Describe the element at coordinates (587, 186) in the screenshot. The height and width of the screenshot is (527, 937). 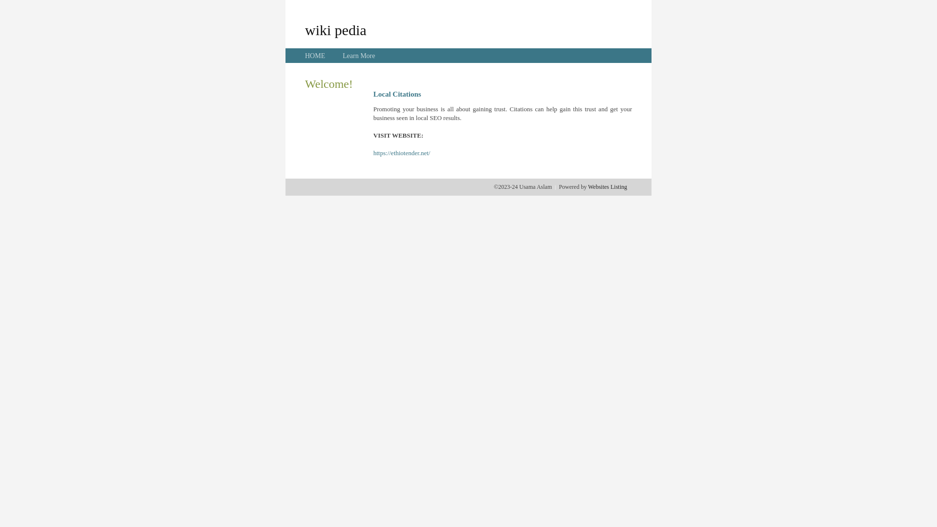
I see `'Websites Listing'` at that location.